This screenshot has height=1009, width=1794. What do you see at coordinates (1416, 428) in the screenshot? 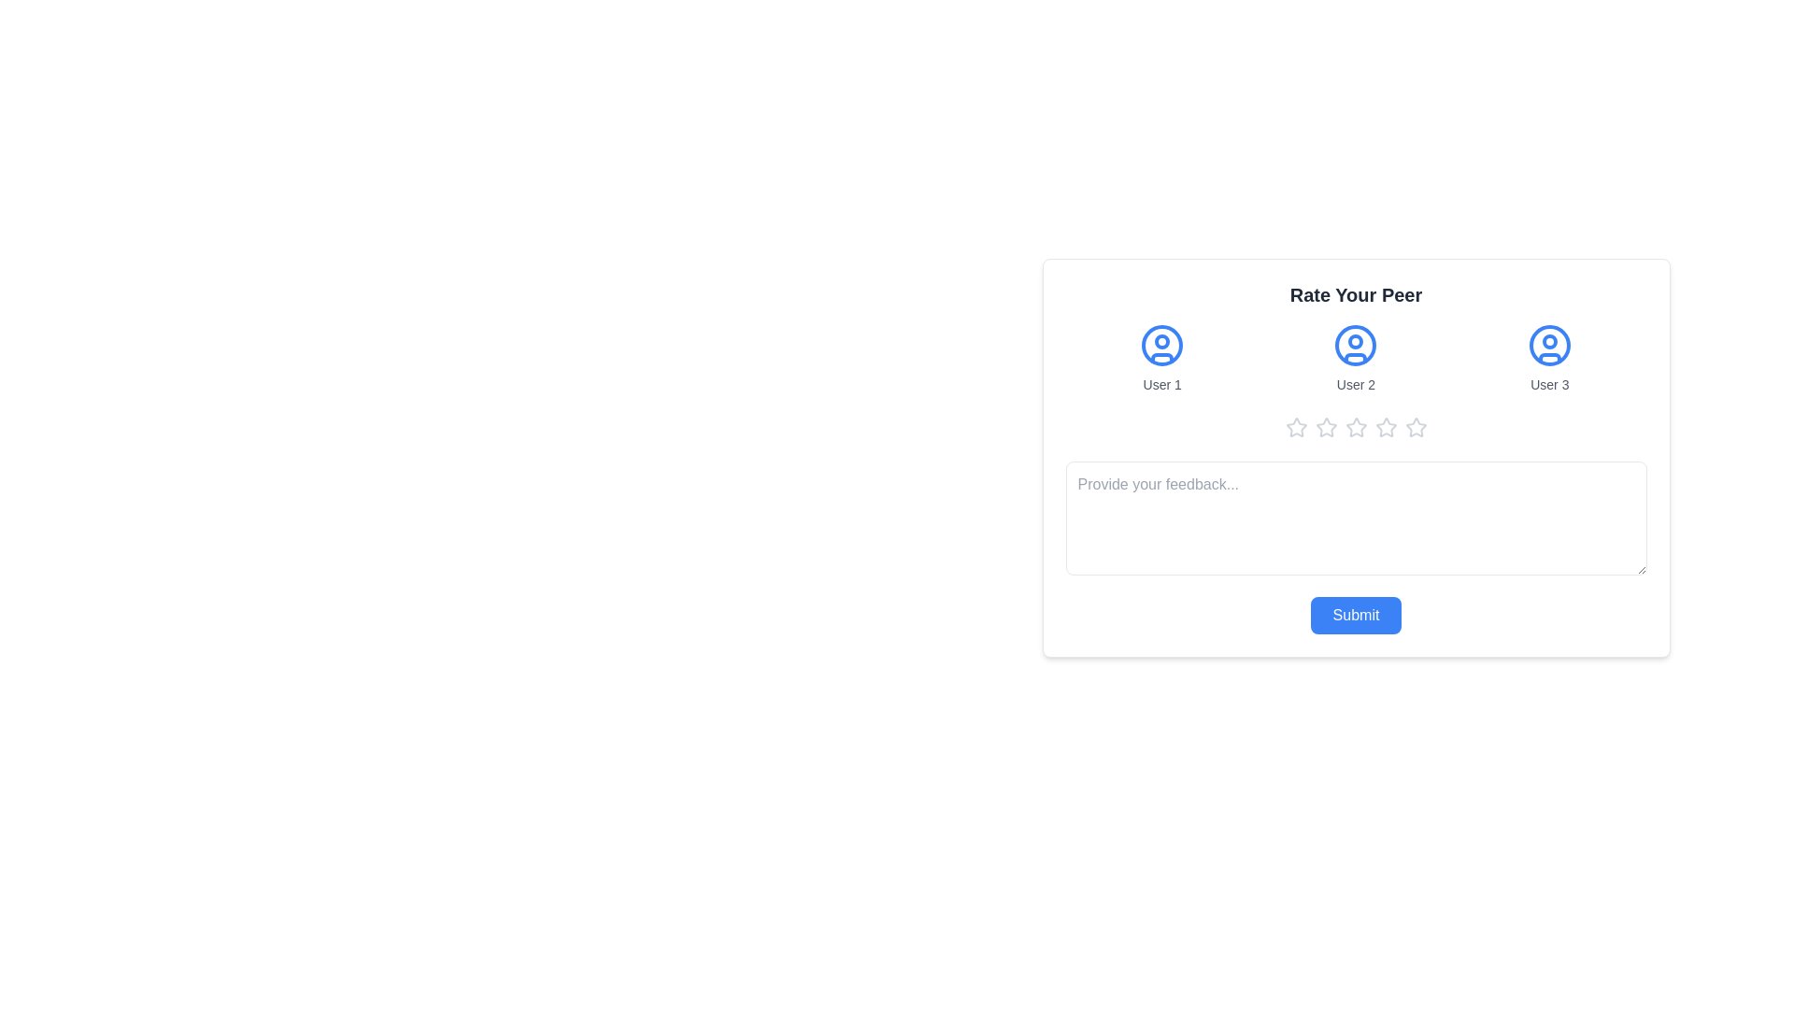
I see `the star corresponding to 5 to set the rating` at bounding box center [1416, 428].